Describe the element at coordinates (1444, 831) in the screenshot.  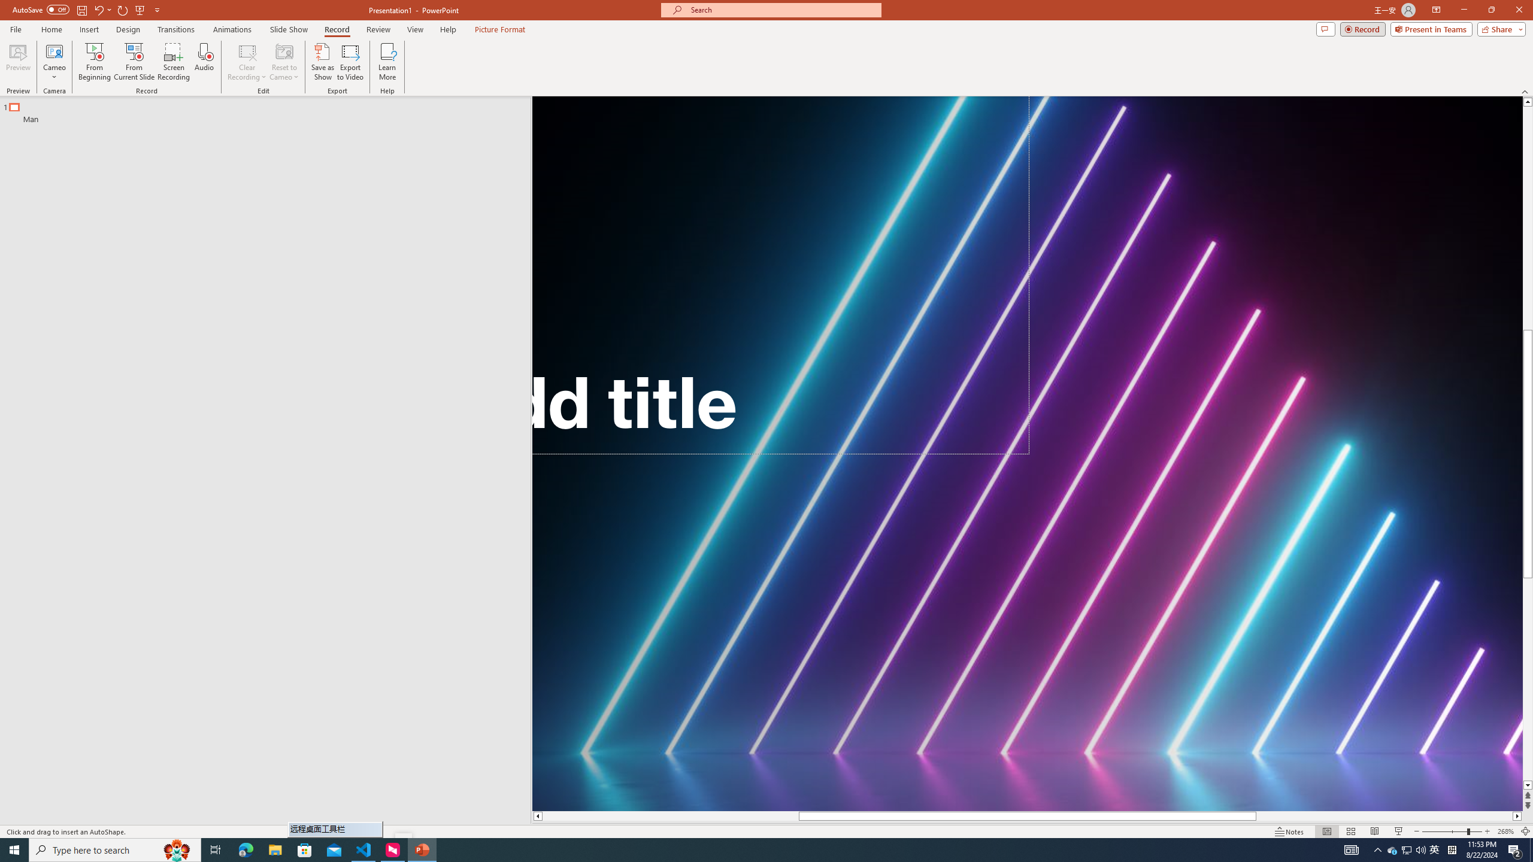
I see `'Zoom Out'` at that location.